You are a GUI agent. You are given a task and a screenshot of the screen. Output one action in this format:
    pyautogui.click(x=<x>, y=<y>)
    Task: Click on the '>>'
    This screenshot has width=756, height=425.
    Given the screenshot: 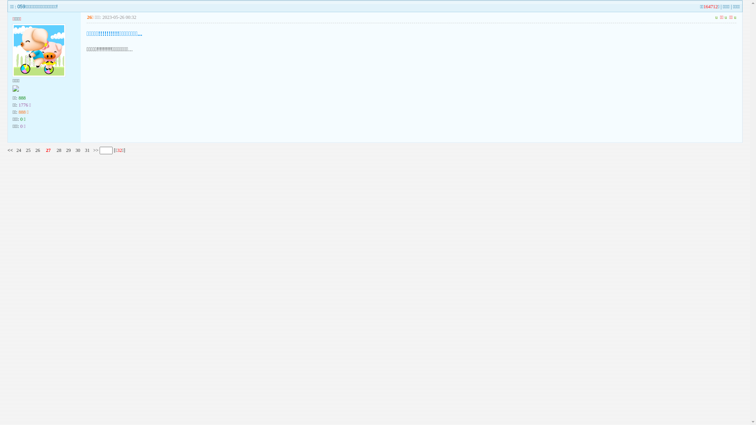 What is the action you would take?
    pyautogui.click(x=95, y=150)
    